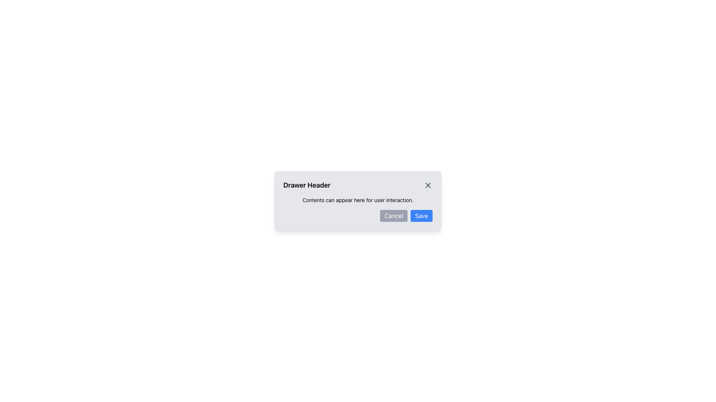 This screenshot has height=402, width=716. What do you see at coordinates (393, 216) in the screenshot?
I see `the cancel button located in the bottom right corner of the dialog box` at bounding box center [393, 216].